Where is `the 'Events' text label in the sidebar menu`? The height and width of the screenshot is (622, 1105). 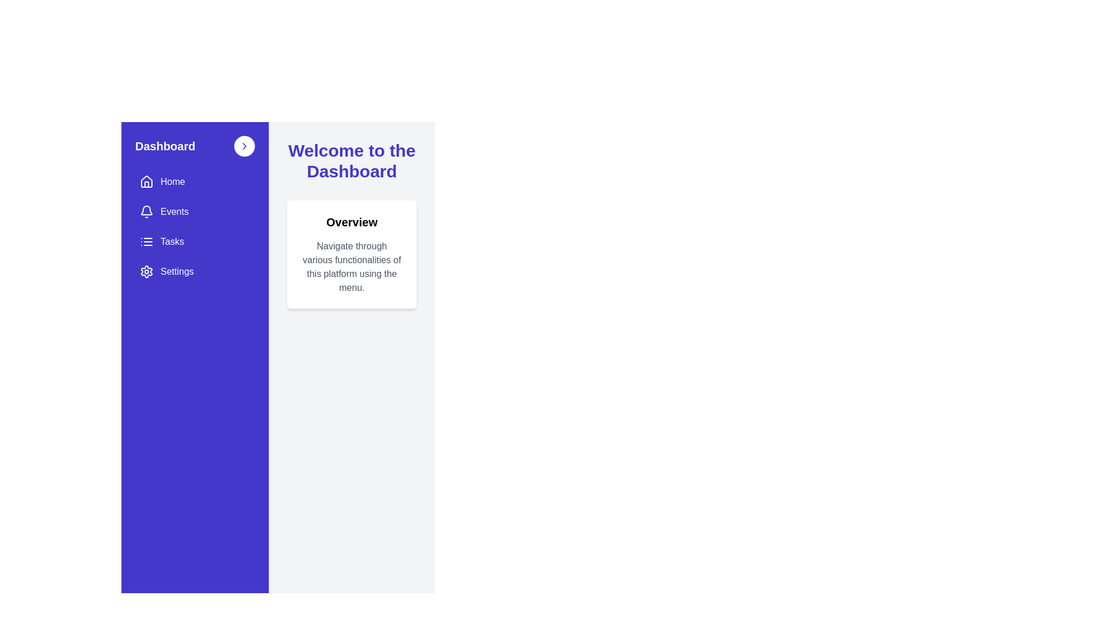
the 'Events' text label in the sidebar menu is located at coordinates (174, 211).